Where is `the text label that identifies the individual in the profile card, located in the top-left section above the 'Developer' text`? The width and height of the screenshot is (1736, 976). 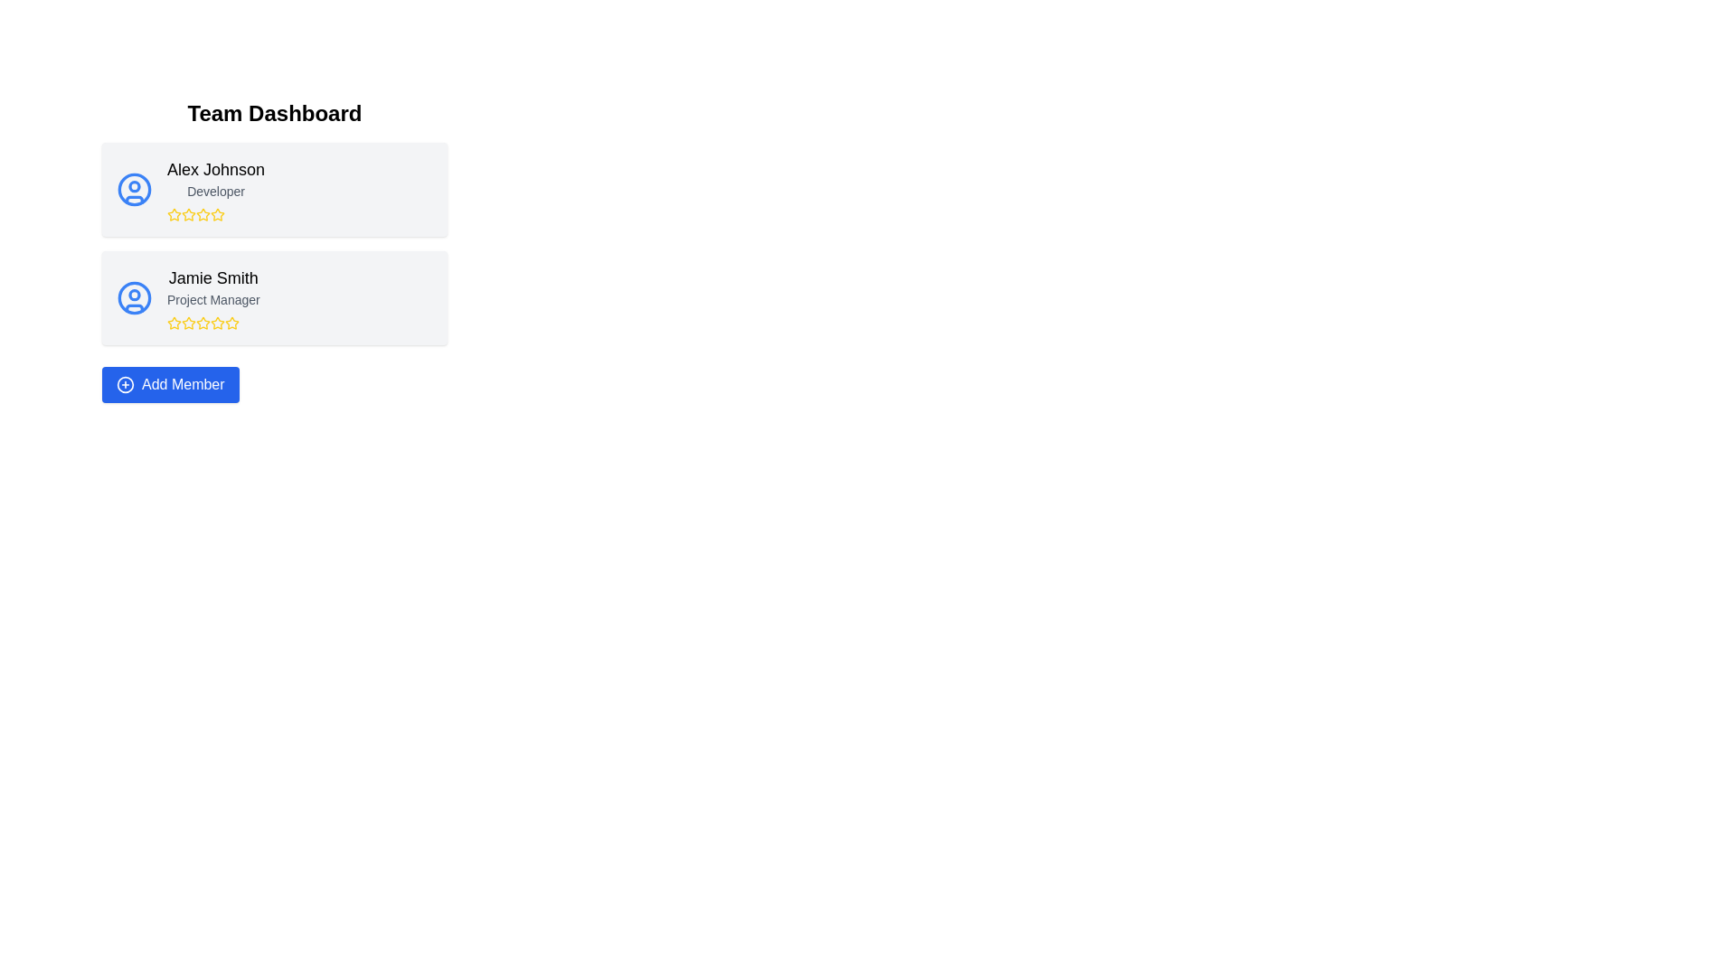 the text label that identifies the individual in the profile card, located in the top-left section above the 'Developer' text is located at coordinates (216, 170).